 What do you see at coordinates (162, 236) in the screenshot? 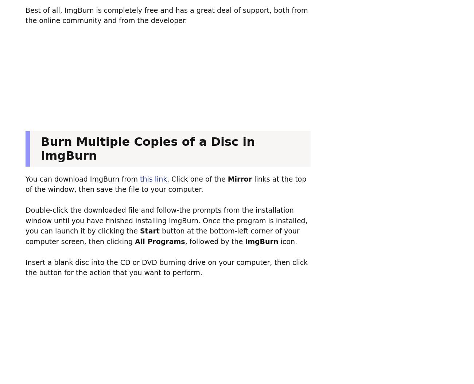
I see `'button at the bottom-left corner of your computer screen, then clicking'` at bounding box center [162, 236].